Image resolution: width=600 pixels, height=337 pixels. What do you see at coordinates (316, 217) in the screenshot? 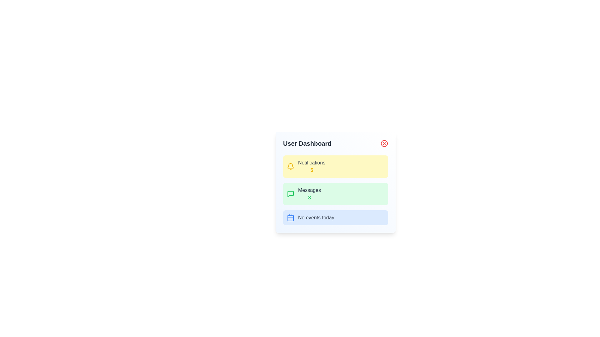
I see `the text label displaying 'No events today', which is styled in a medium font size with dark gray color on a light blue background` at bounding box center [316, 217].